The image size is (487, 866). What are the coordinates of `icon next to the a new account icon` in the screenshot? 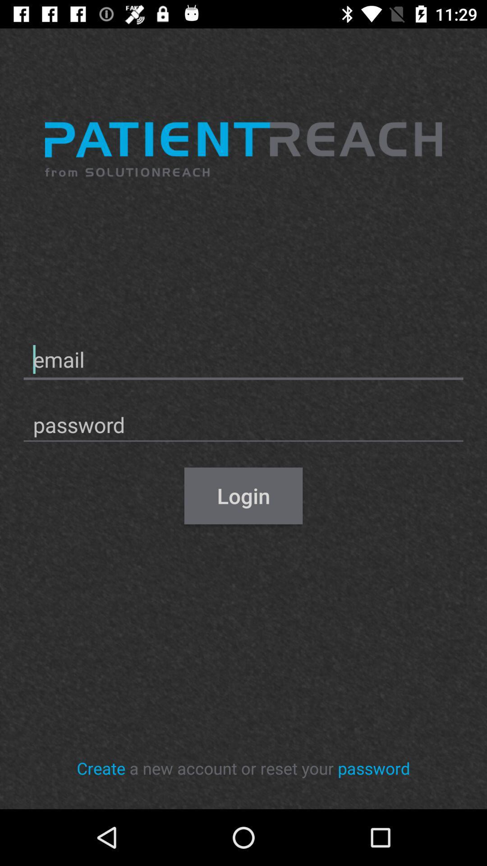 It's located at (101, 768).